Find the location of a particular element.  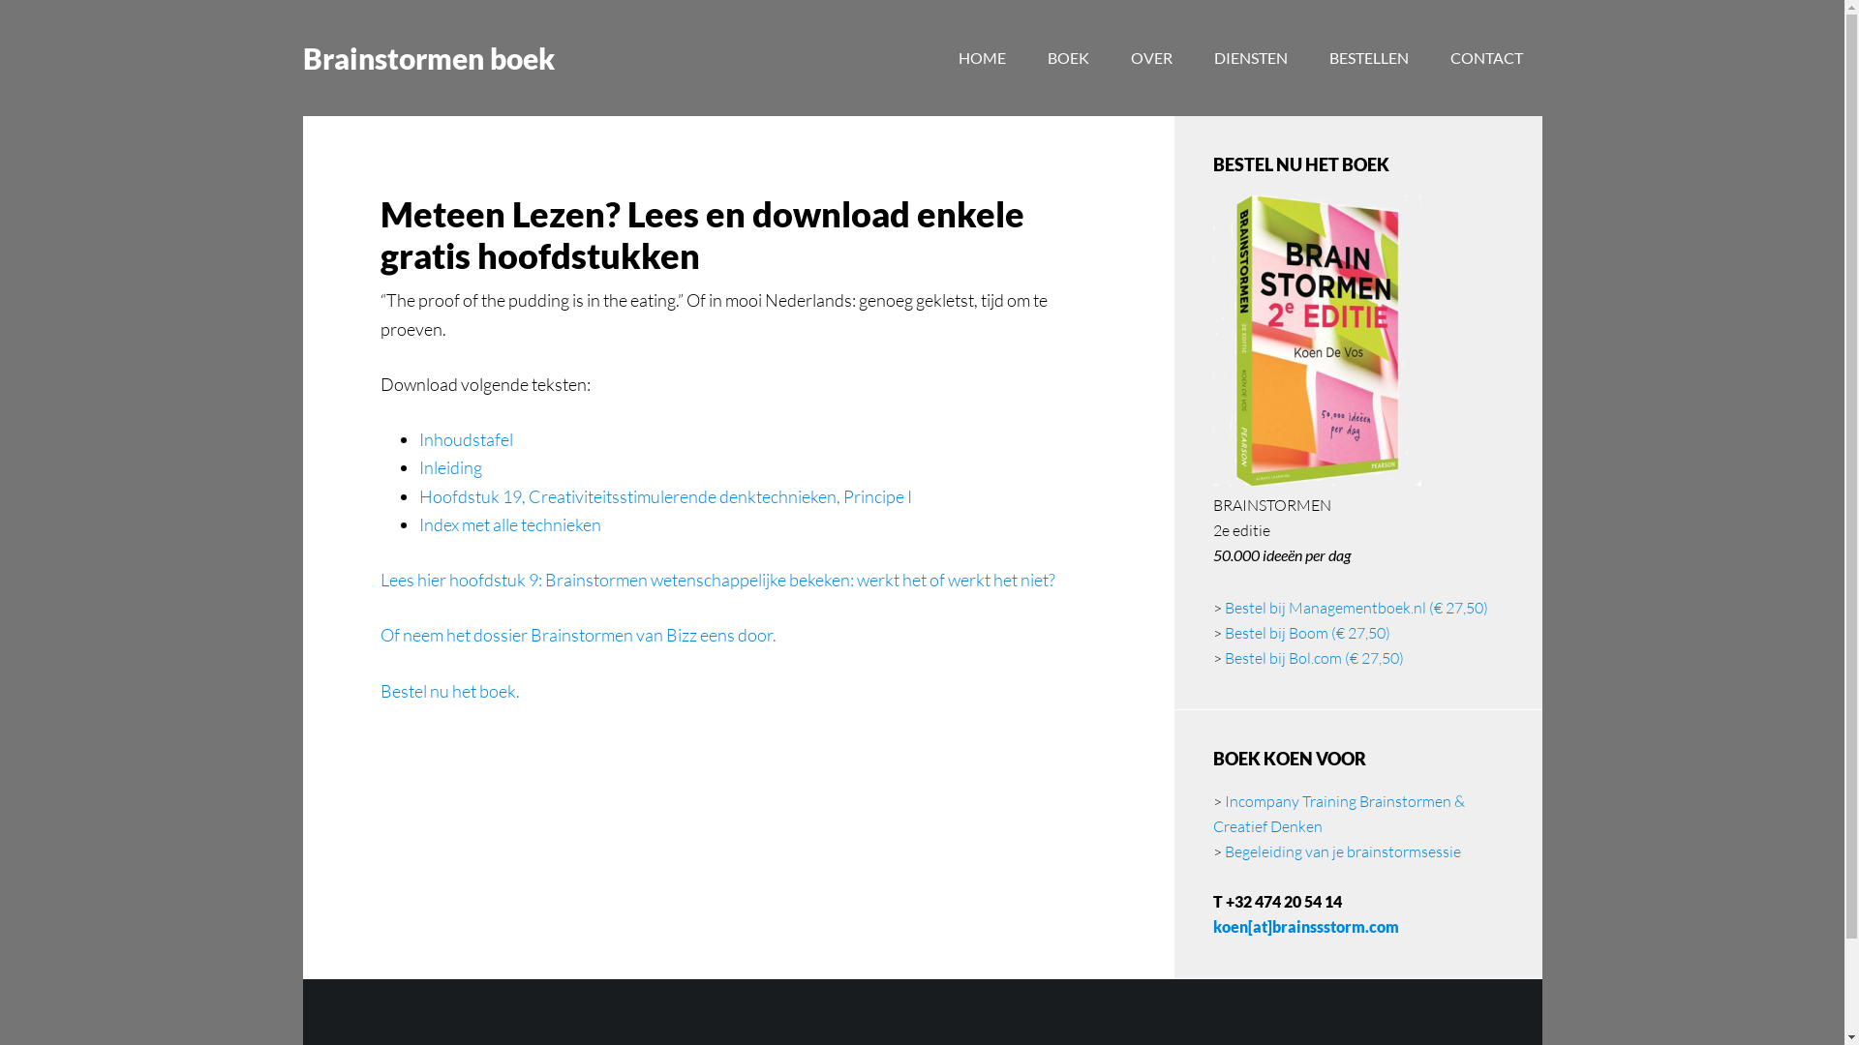

'Index met alle technieken' is located at coordinates (509, 524).